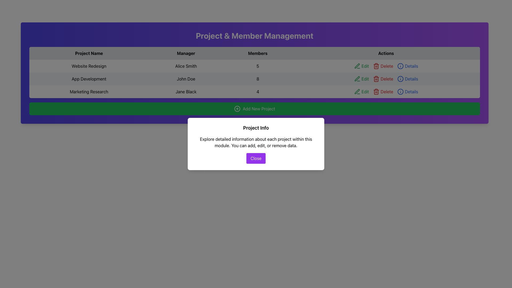  What do you see at coordinates (401, 79) in the screenshot?
I see `the 'Details' button in the 'Actions' column of the third row of the table, which is indicated by the Icon next to it` at bounding box center [401, 79].